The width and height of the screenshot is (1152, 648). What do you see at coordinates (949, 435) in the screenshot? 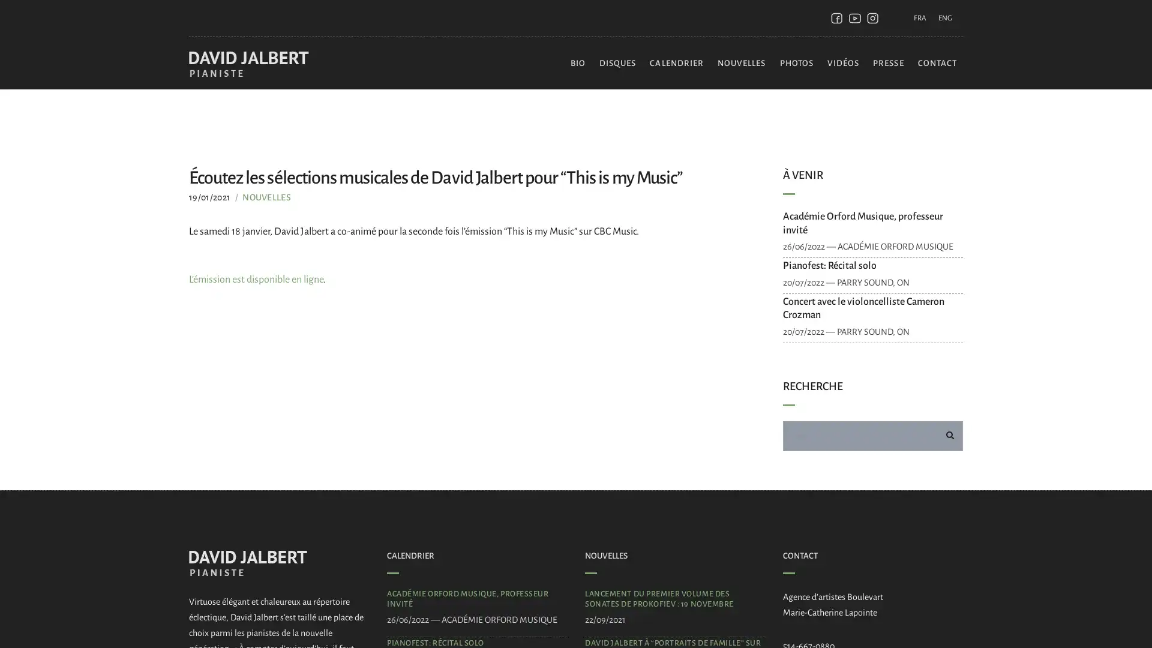
I see `SEARCH` at bounding box center [949, 435].